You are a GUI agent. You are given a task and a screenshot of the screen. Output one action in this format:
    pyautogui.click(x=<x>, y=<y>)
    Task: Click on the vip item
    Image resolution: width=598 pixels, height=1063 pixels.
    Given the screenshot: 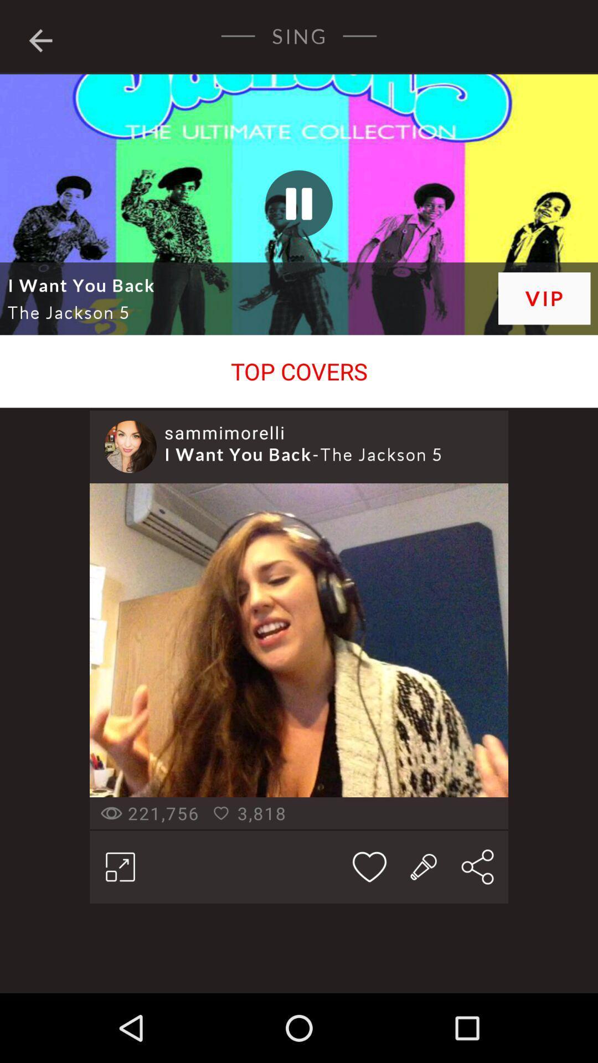 What is the action you would take?
    pyautogui.click(x=544, y=298)
    